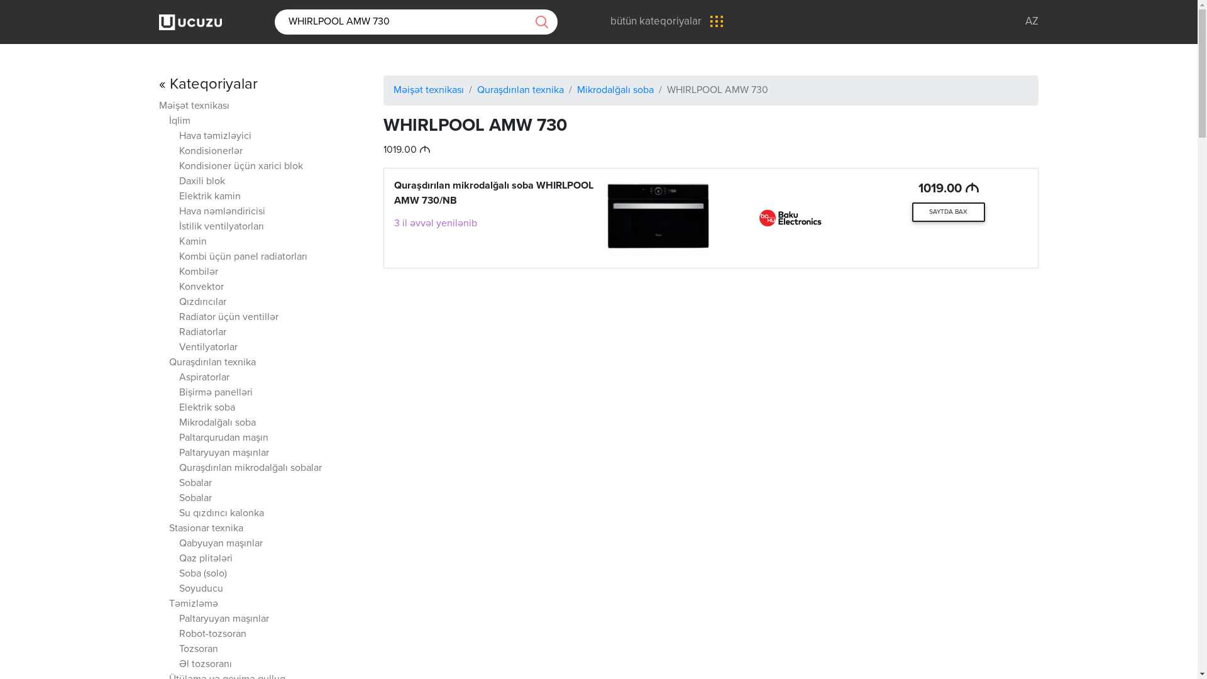 The height and width of the screenshot is (679, 1207). Describe the element at coordinates (1032, 21) in the screenshot. I see `'AZ'` at that location.